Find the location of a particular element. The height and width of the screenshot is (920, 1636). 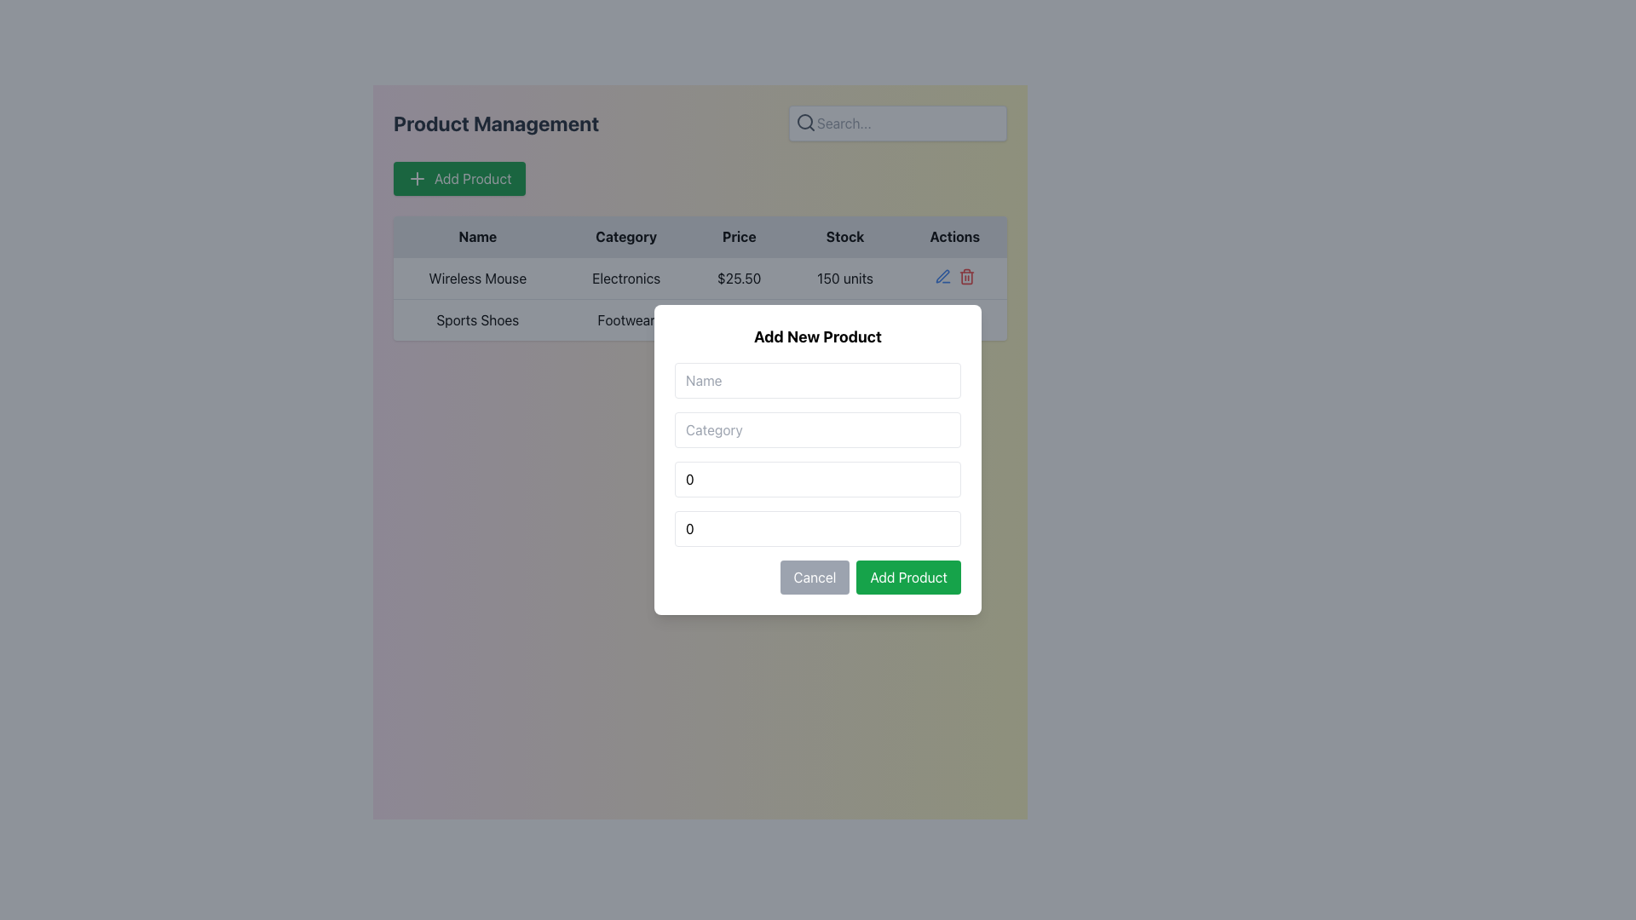

the 'Wireless Mouse' text label, which displays the product name in the leftmost column of a table entry is located at coordinates (477, 278).